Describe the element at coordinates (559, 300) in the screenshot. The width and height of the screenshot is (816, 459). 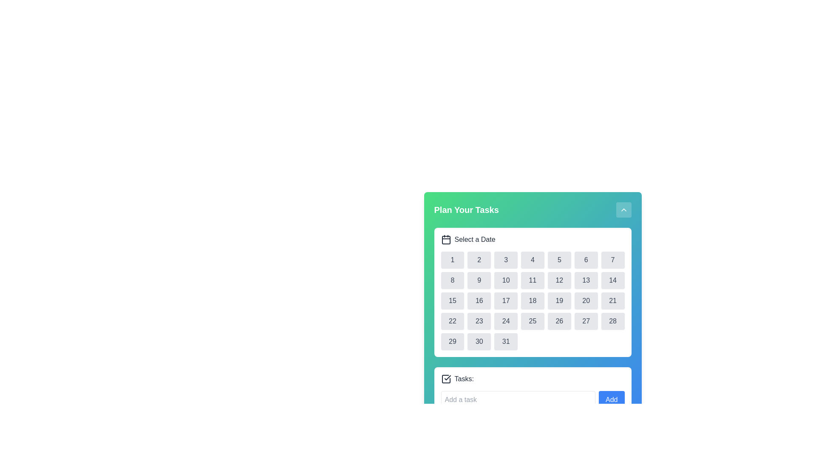
I see `the date selector button for the 19th day in the calendar interface located in the third row and fifth column of the grid` at that location.